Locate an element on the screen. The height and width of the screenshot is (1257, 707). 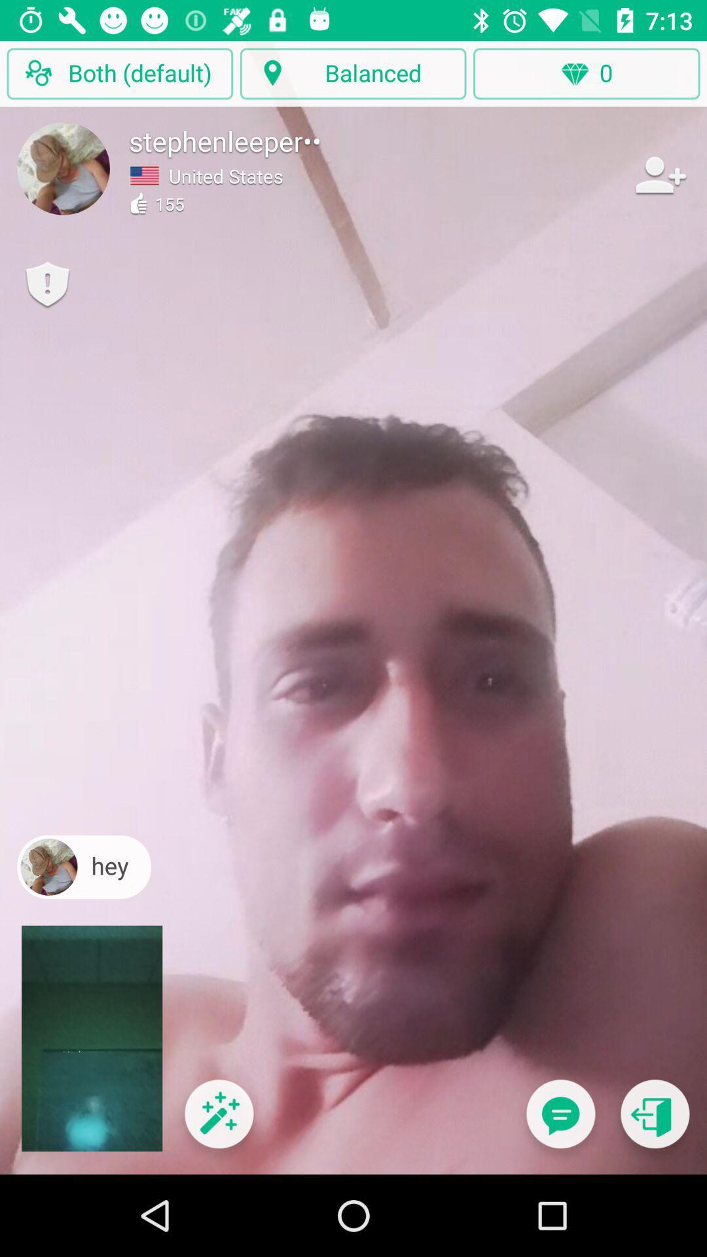
previous is located at coordinates (655, 1121).